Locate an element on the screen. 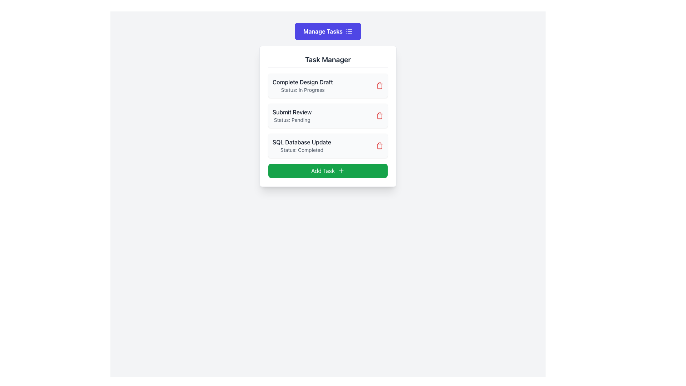 The image size is (686, 386). the Information text block displaying 'SQL Database Update' and 'Status: Completed', which is the third item in the 'Task Manager' section is located at coordinates (302, 145).